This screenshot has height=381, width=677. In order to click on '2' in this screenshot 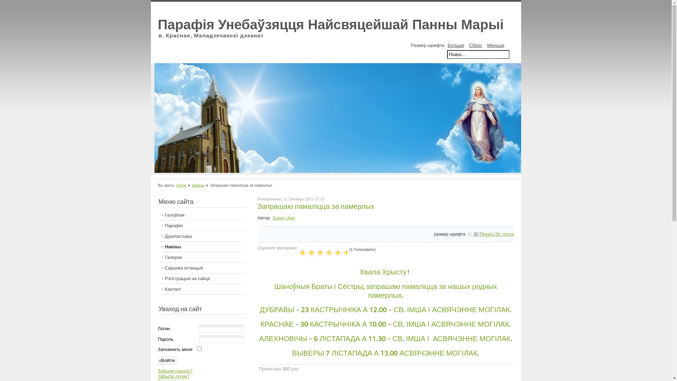, I will do `click(308, 253)`.